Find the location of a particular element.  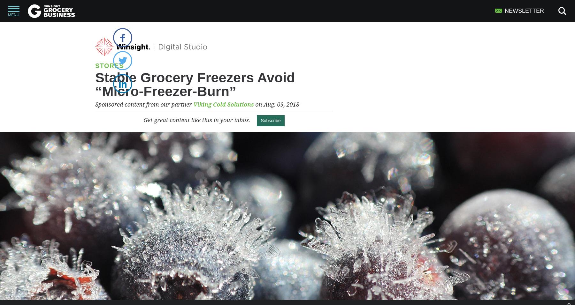

'Menu' is located at coordinates (13, 15).